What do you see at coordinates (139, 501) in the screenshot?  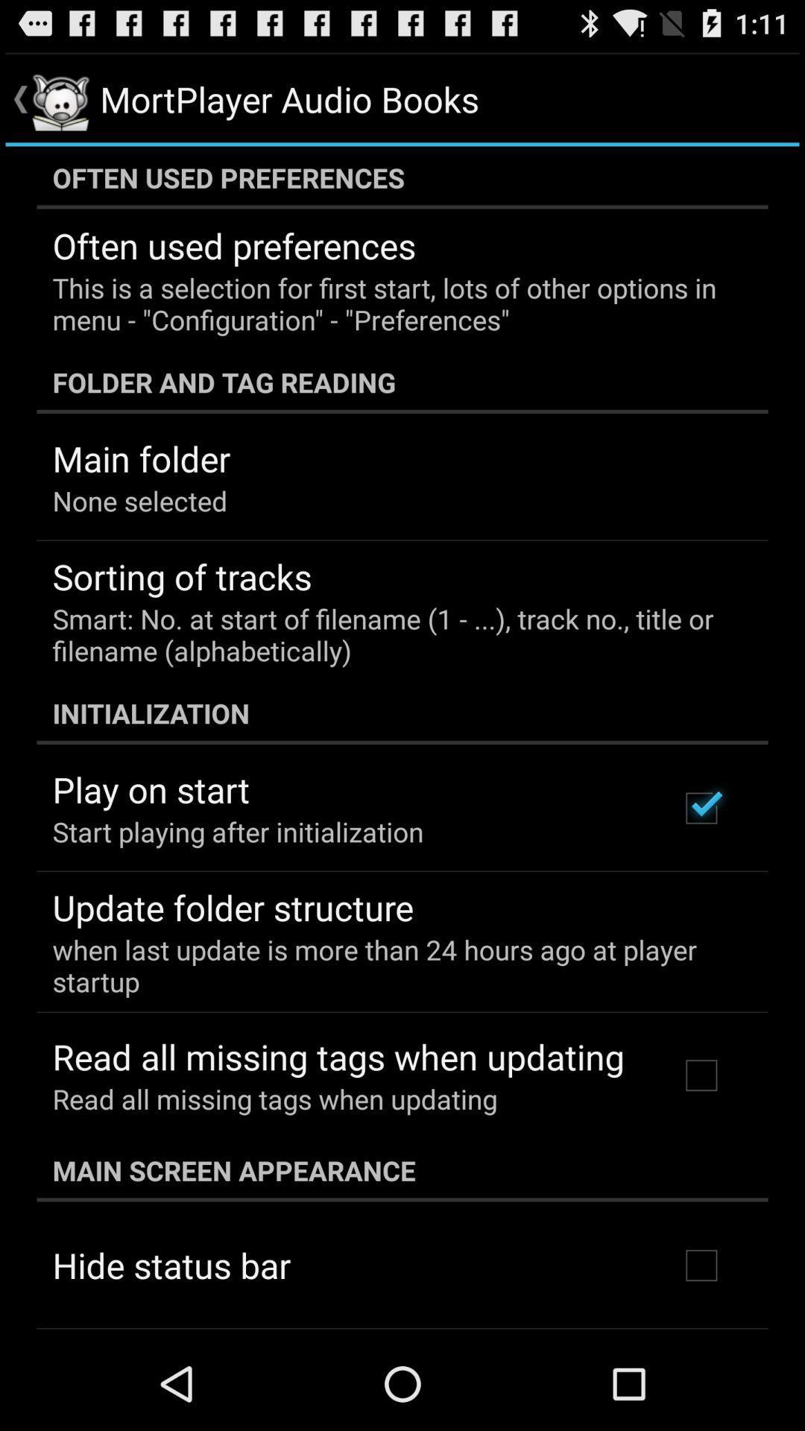 I see `item above the sorting of tracks icon` at bounding box center [139, 501].